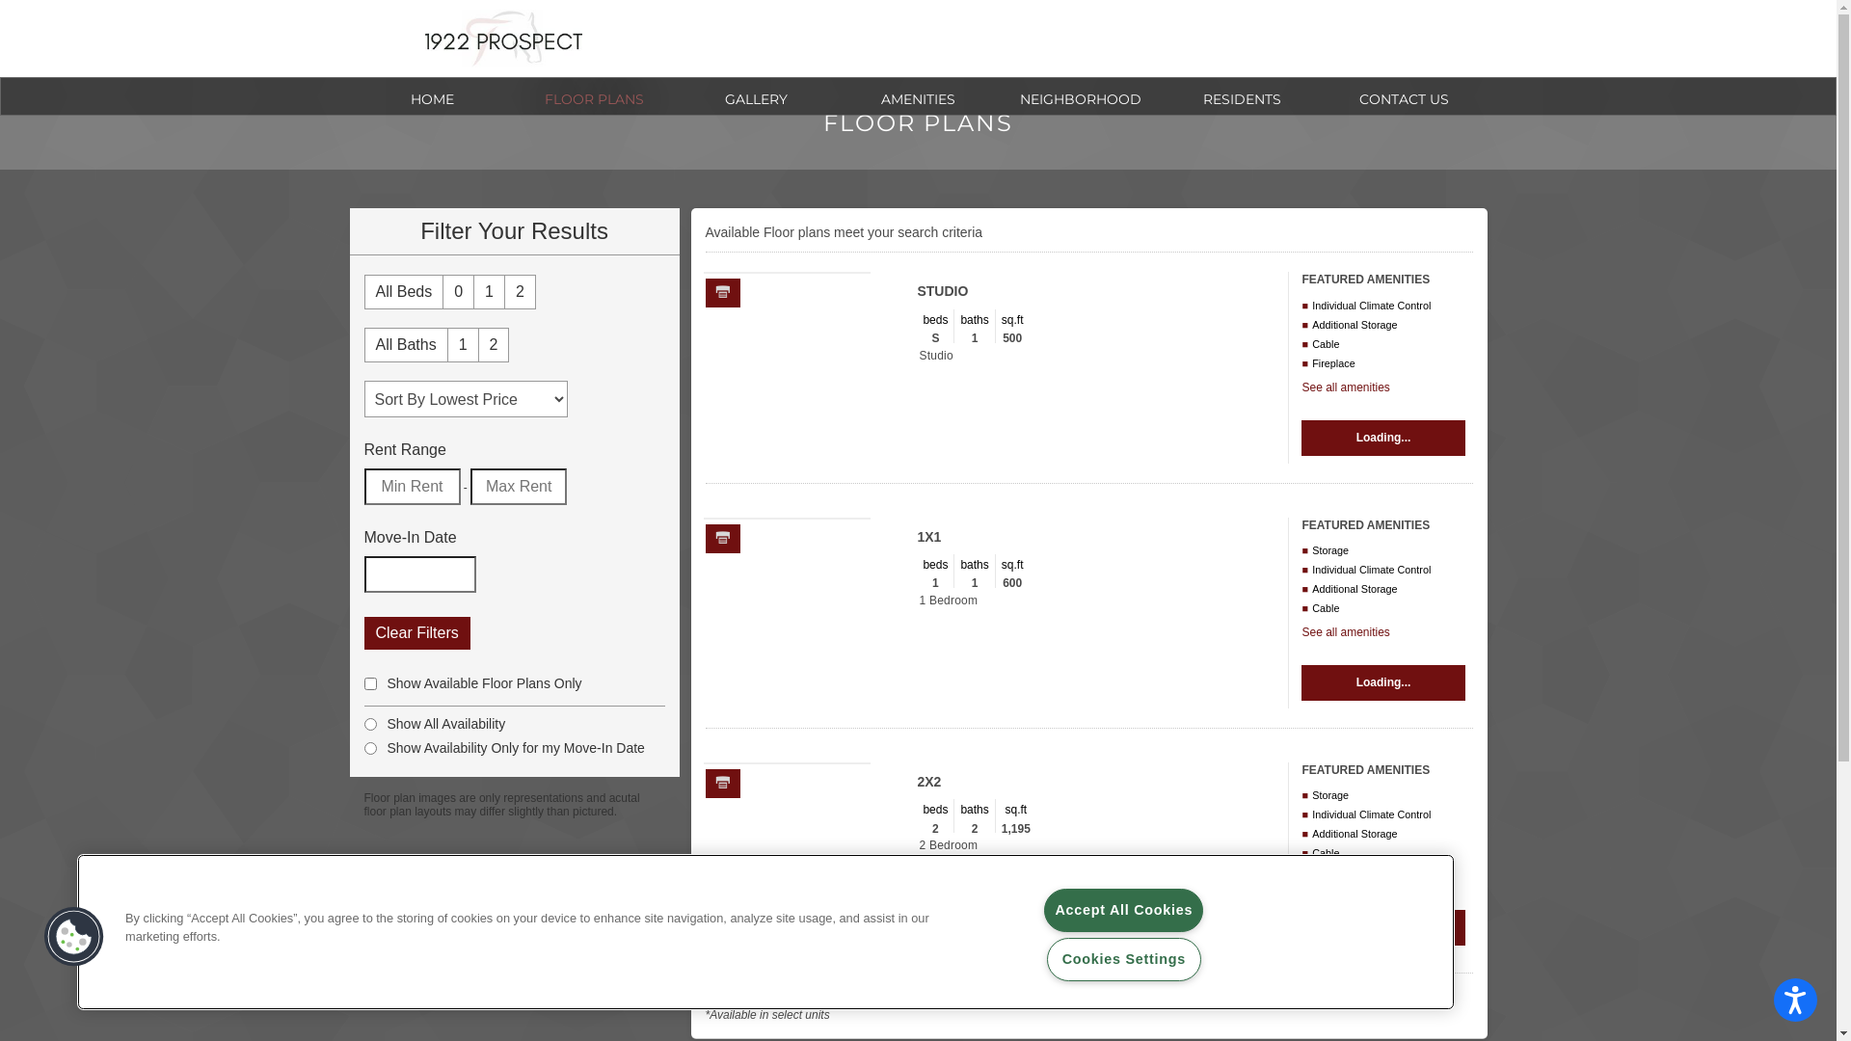 This screenshot has height=1041, width=1851. What do you see at coordinates (1241, 96) in the screenshot?
I see `'RESIDENTS'` at bounding box center [1241, 96].